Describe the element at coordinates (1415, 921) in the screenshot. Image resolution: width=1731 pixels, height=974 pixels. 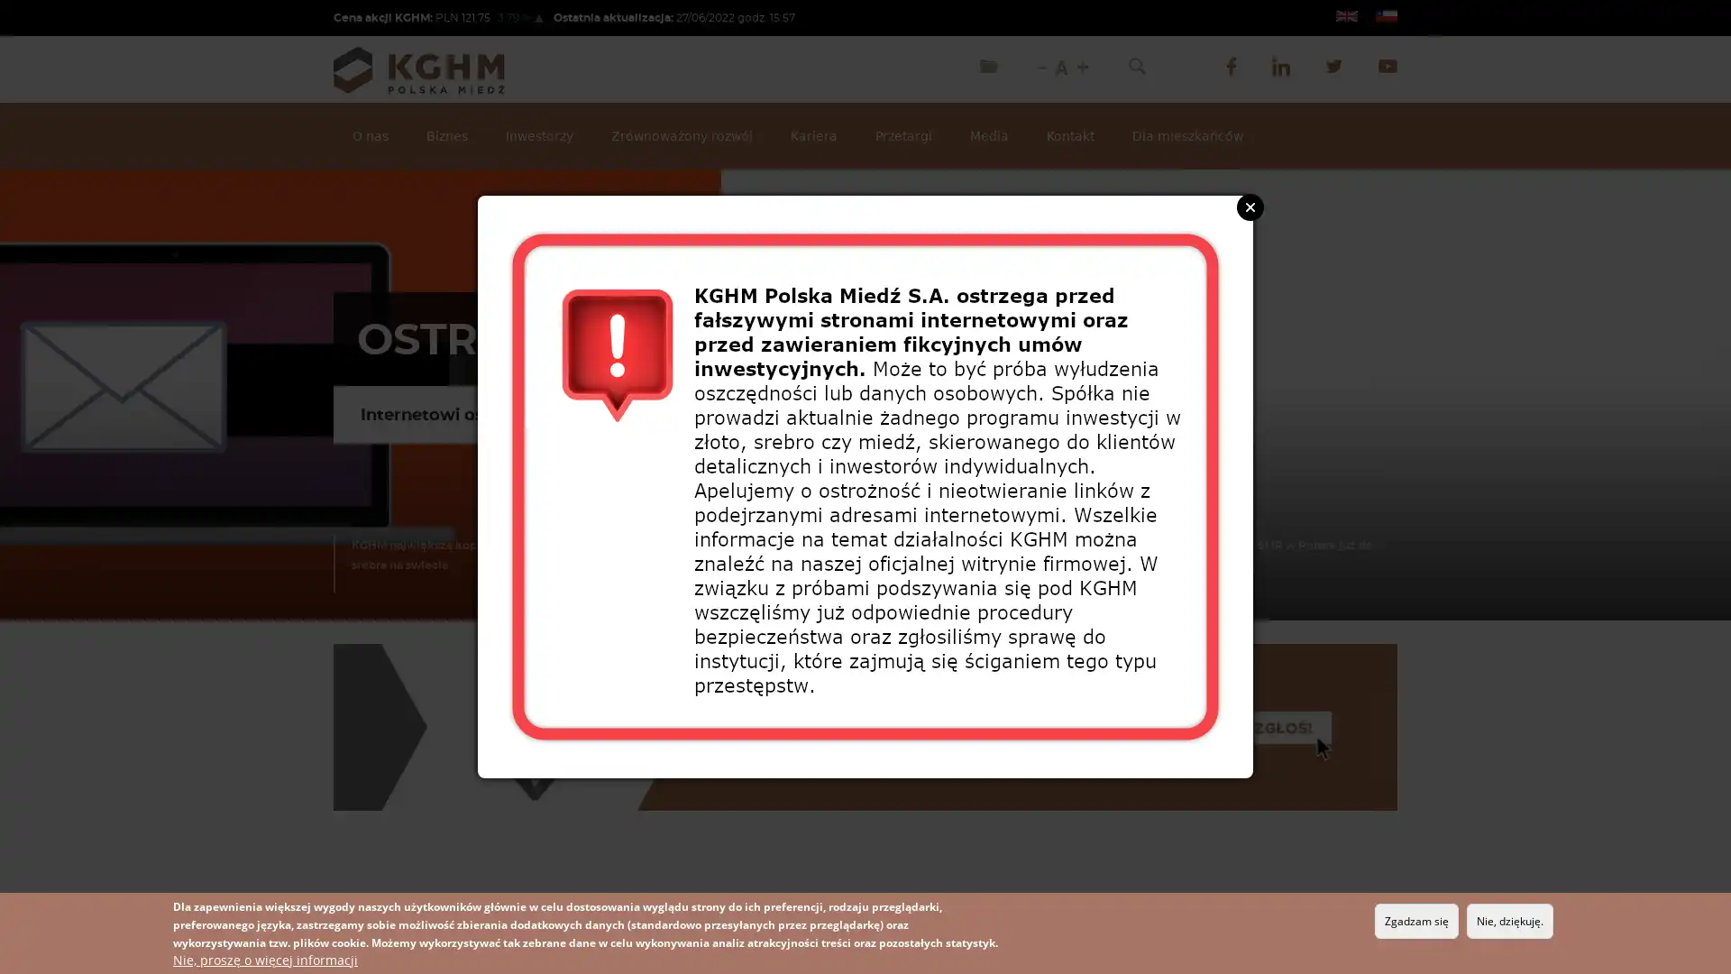
I see `Zgadzam sie` at that location.